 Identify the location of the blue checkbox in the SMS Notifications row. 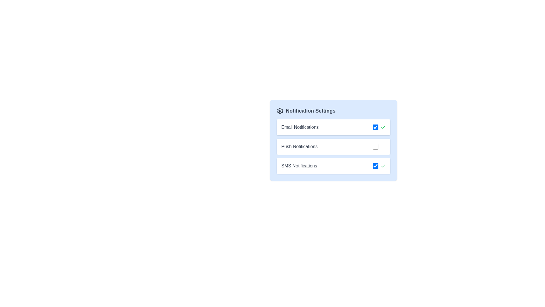
(379, 166).